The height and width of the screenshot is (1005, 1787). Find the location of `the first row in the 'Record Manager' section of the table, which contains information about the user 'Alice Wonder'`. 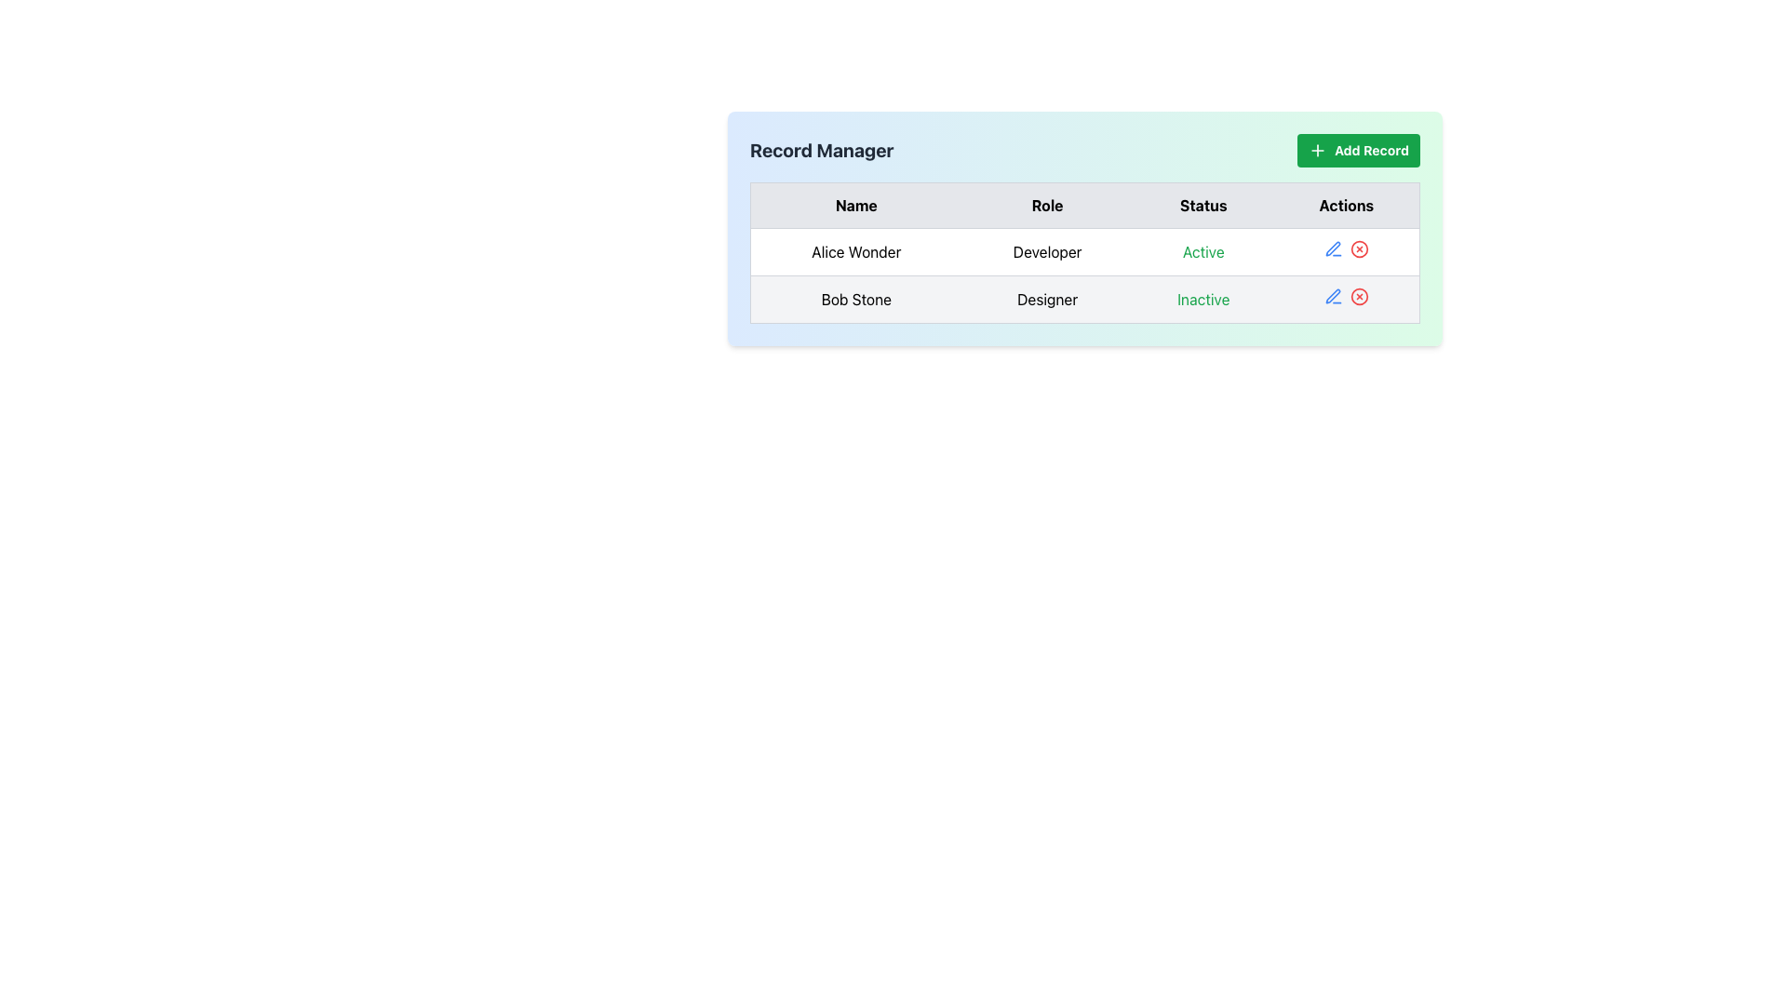

the first row in the 'Record Manager' section of the table, which contains information about the user 'Alice Wonder' is located at coordinates (1085, 251).